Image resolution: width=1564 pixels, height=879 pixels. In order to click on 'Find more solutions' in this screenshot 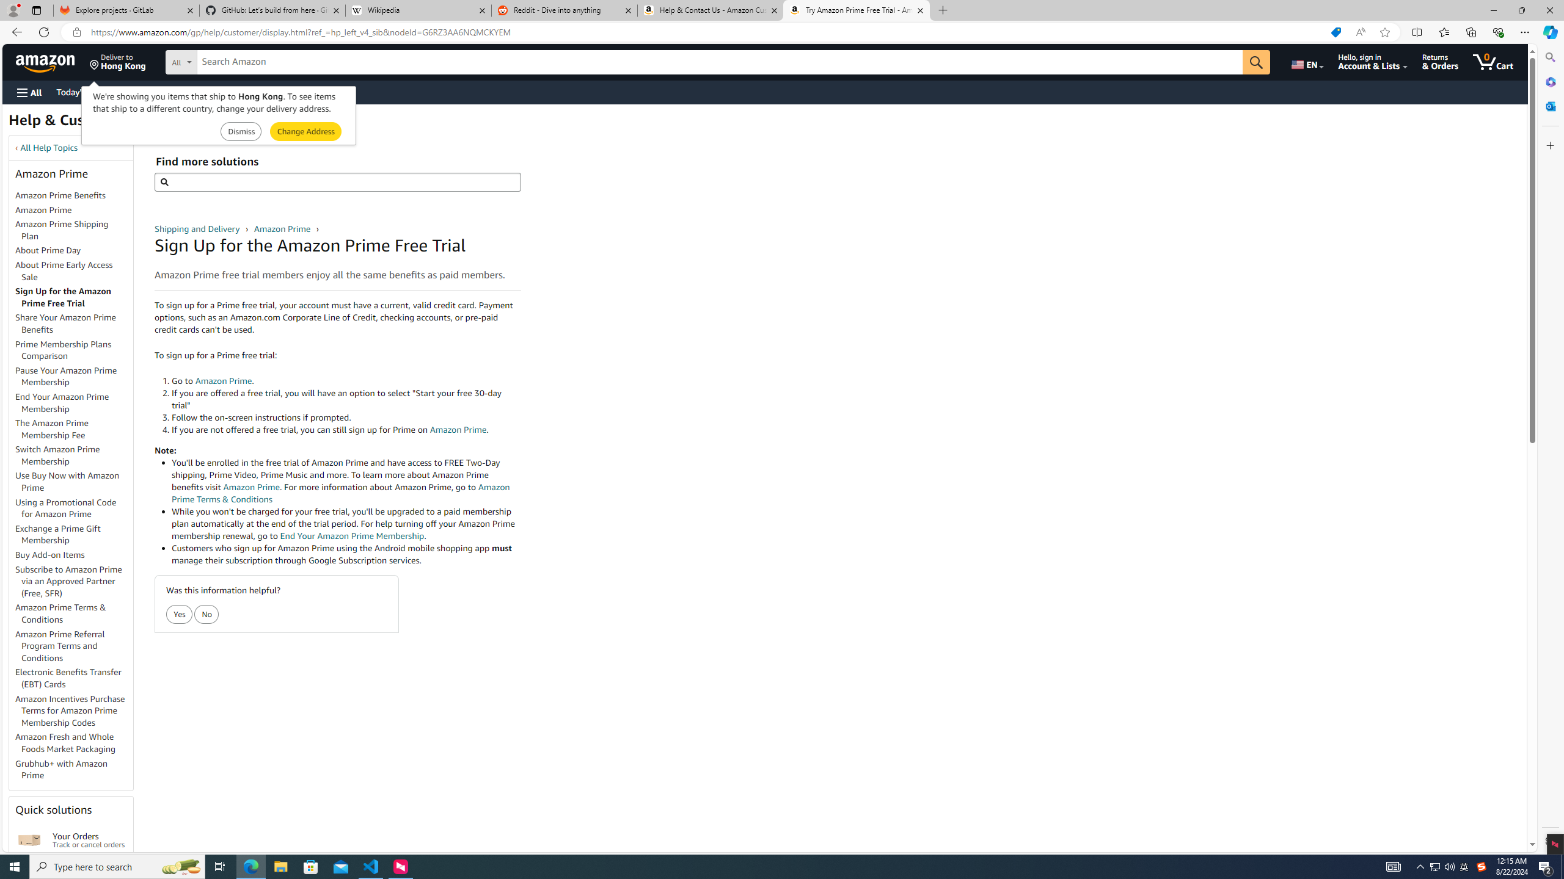, I will do `click(337, 182)`.